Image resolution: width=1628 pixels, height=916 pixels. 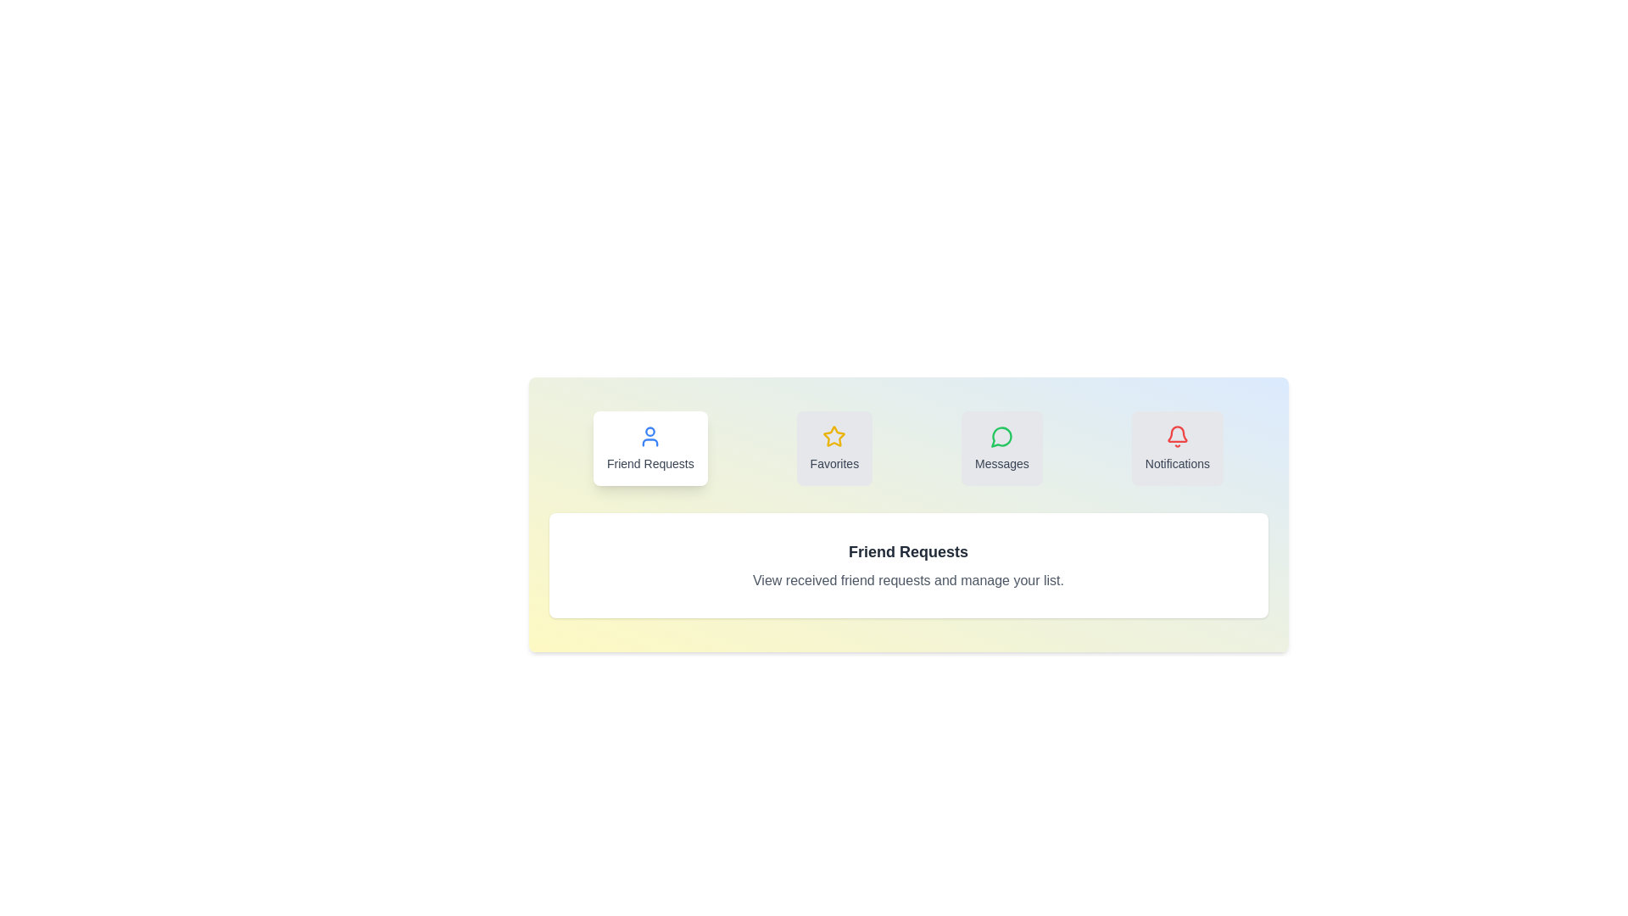 What do you see at coordinates (1176, 447) in the screenshot?
I see `the 'Notifications' tab` at bounding box center [1176, 447].